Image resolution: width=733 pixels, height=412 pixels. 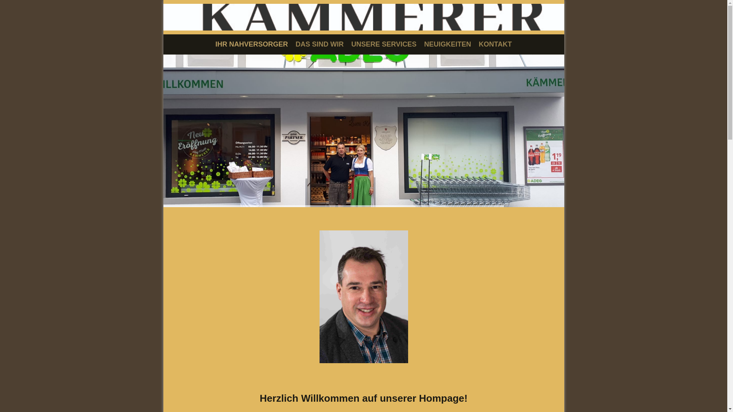 I want to click on 'KONTAKT', so click(x=495, y=44).